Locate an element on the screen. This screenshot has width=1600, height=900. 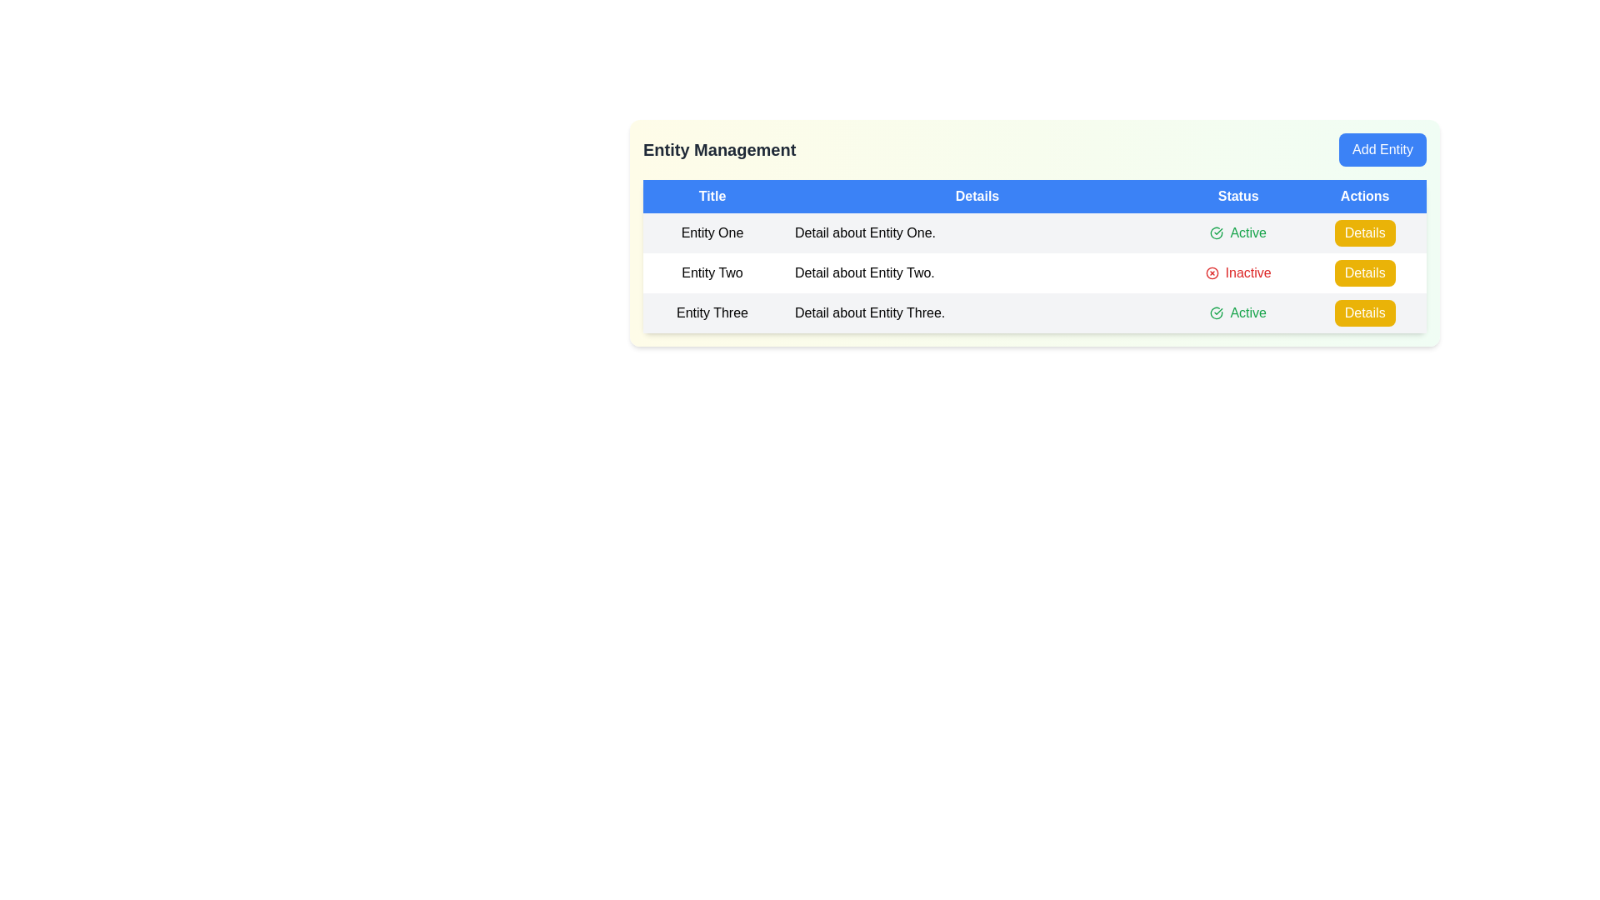
label of the 'Details' column header in the table, which is the second tab in a sequence of four tabs located near the top of the table is located at coordinates (977, 195).